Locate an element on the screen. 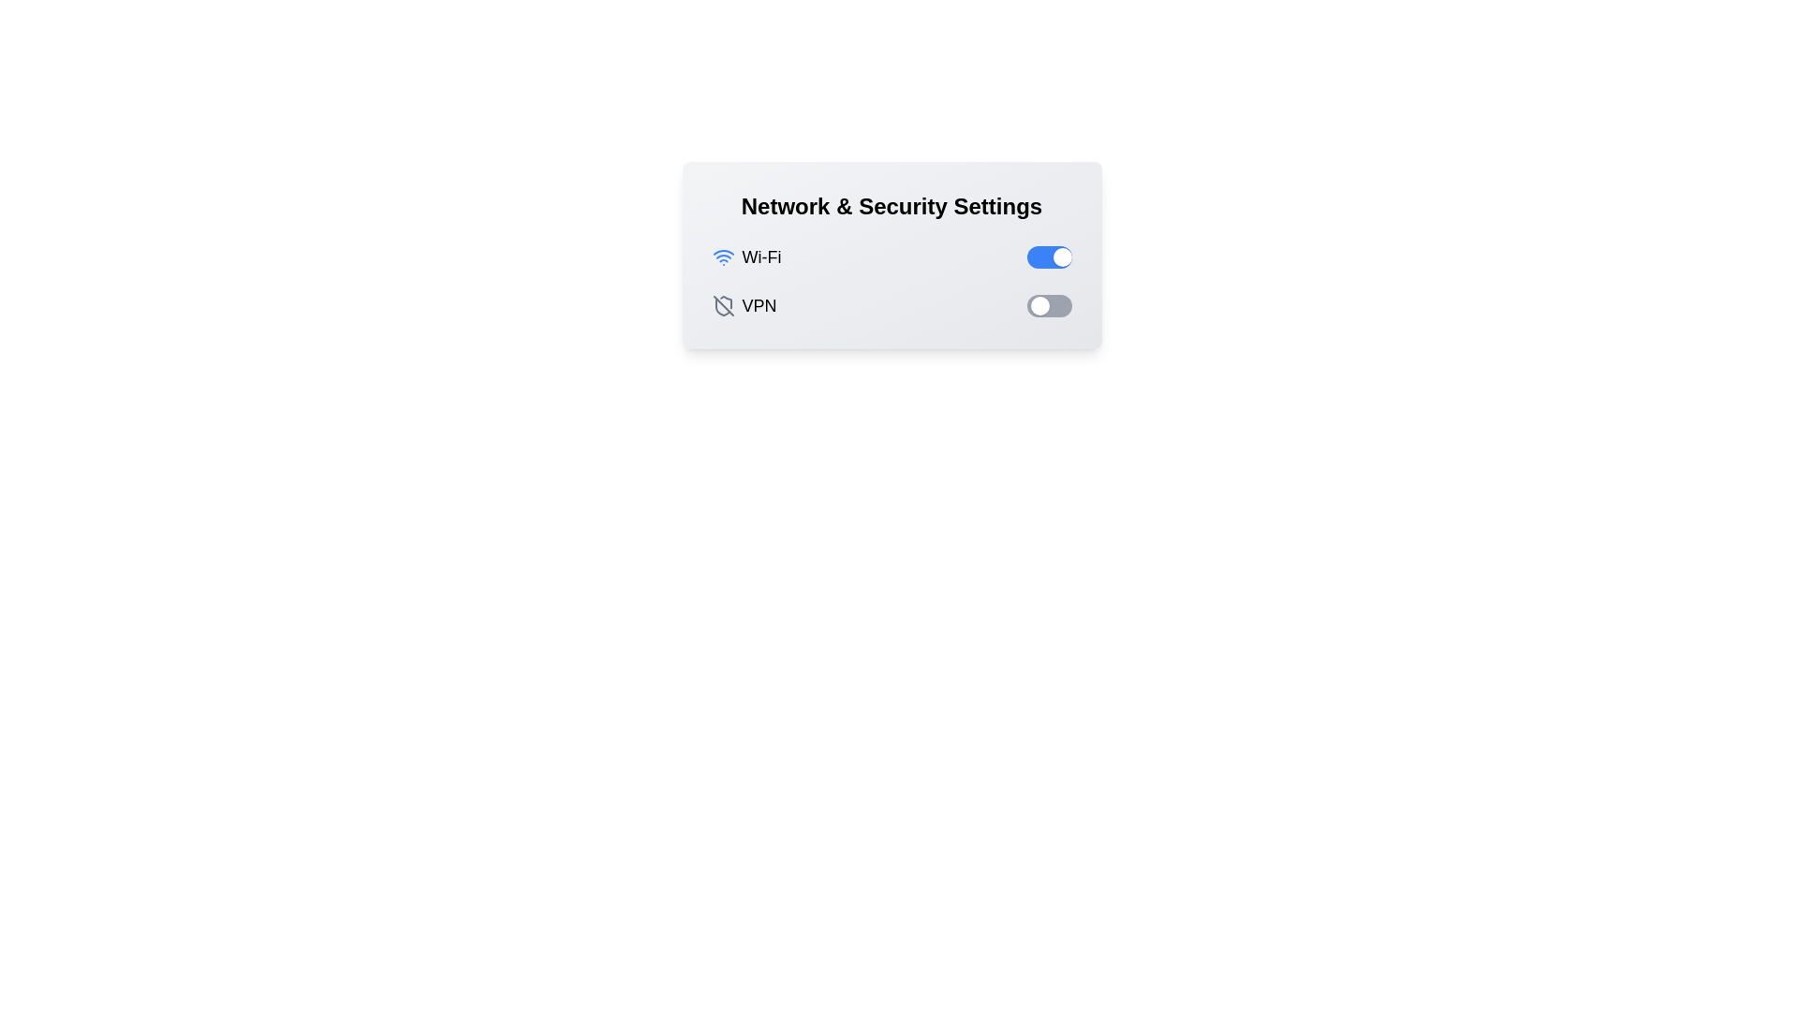 Image resolution: width=1798 pixels, height=1011 pixels. the circular toggle knob for the Wi-Fi setting, which indicates that the toggle is currently active is located at coordinates (1062, 256).